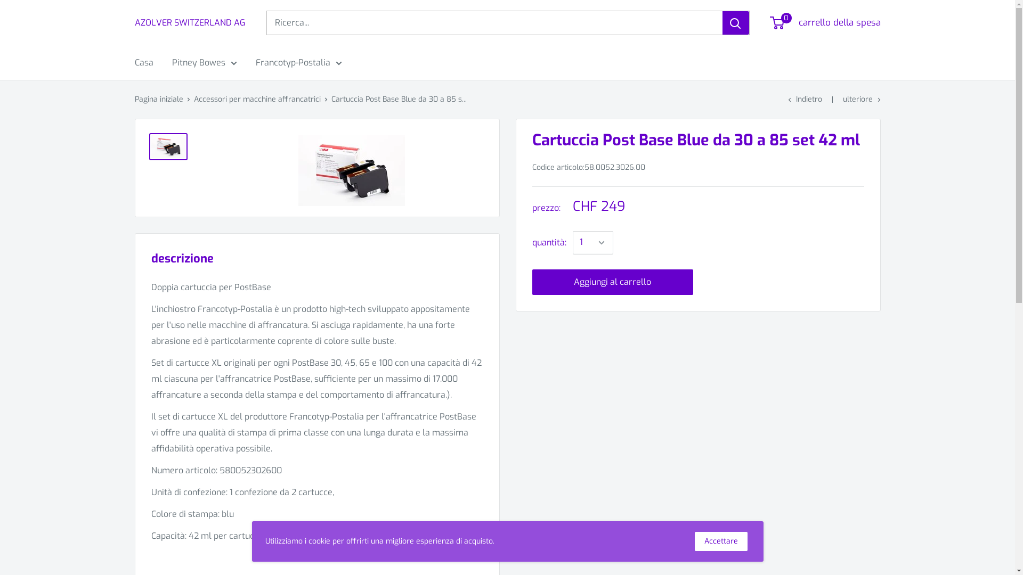  I want to click on 'Accessori per macchine affrancatrici', so click(194, 99).